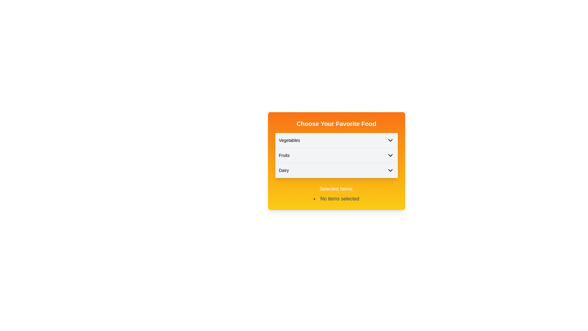  What do you see at coordinates (336, 170) in the screenshot?
I see `the 'Dairy' dropdown list item` at bounding box center [336, 170].